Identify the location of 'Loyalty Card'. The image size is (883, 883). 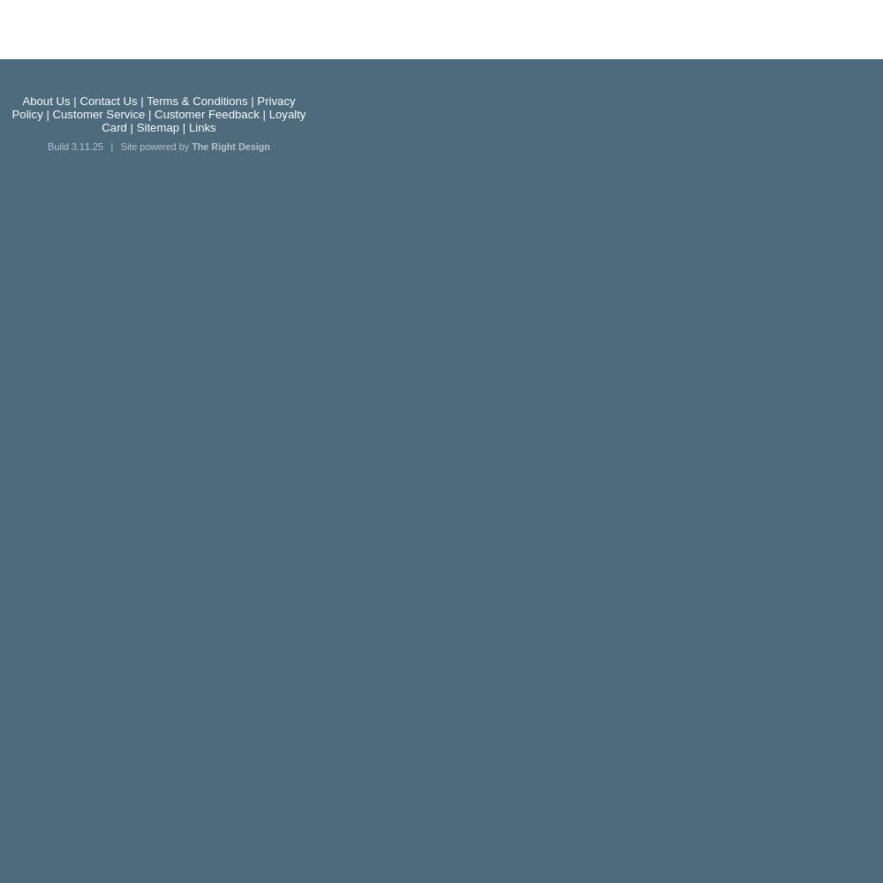
(202, 121).